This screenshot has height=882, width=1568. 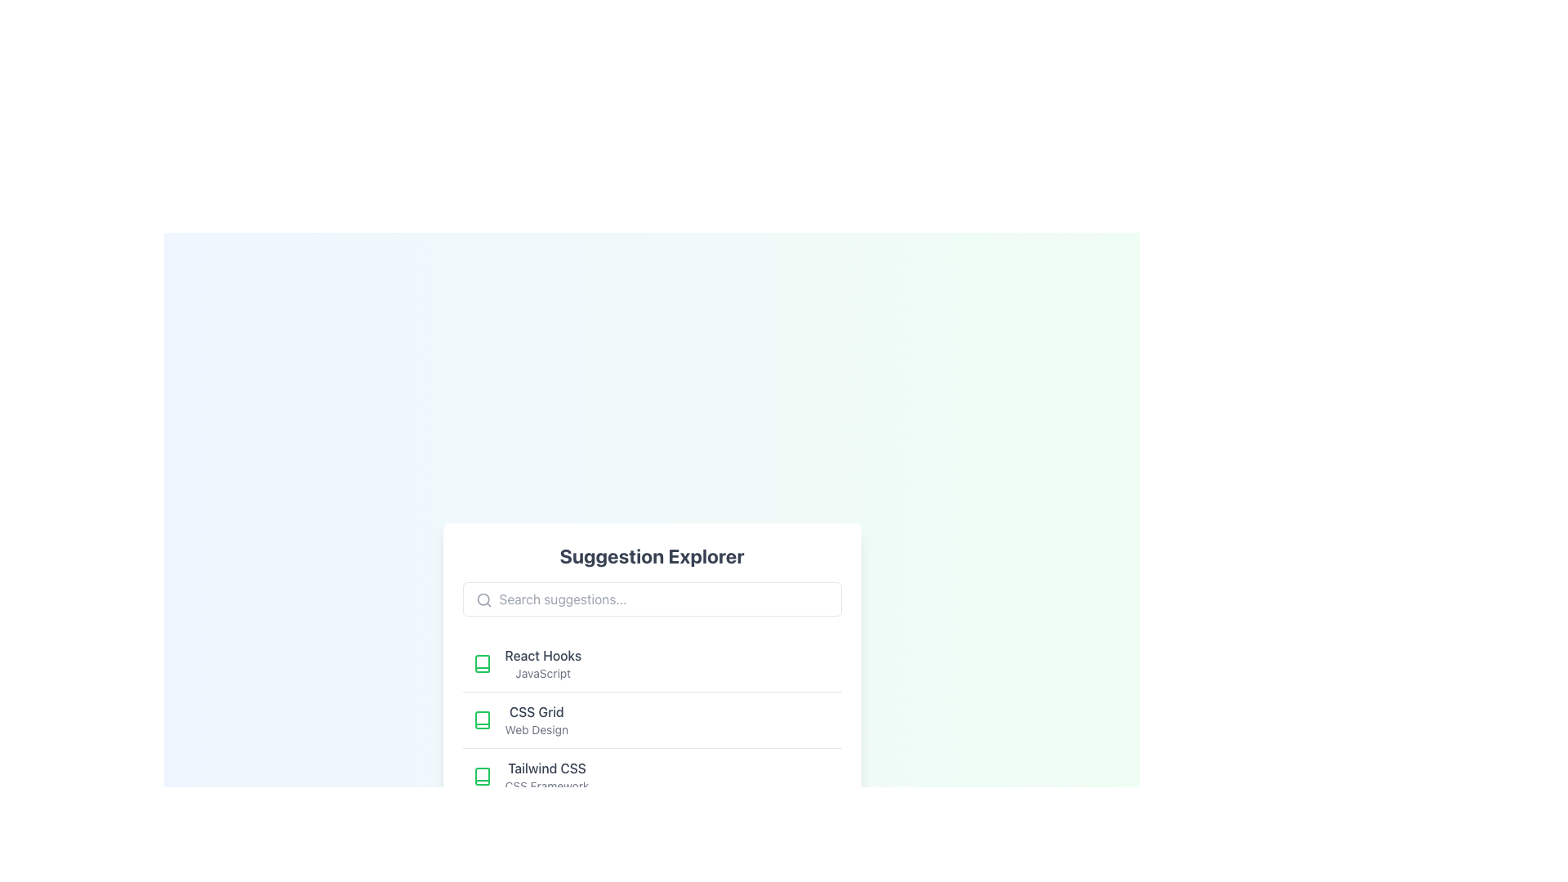 I want to click on bold header text labeled 'Suggestion Explorer', which is positioned at the top-center of the content panel above the search field, so click(x=651, y=555).